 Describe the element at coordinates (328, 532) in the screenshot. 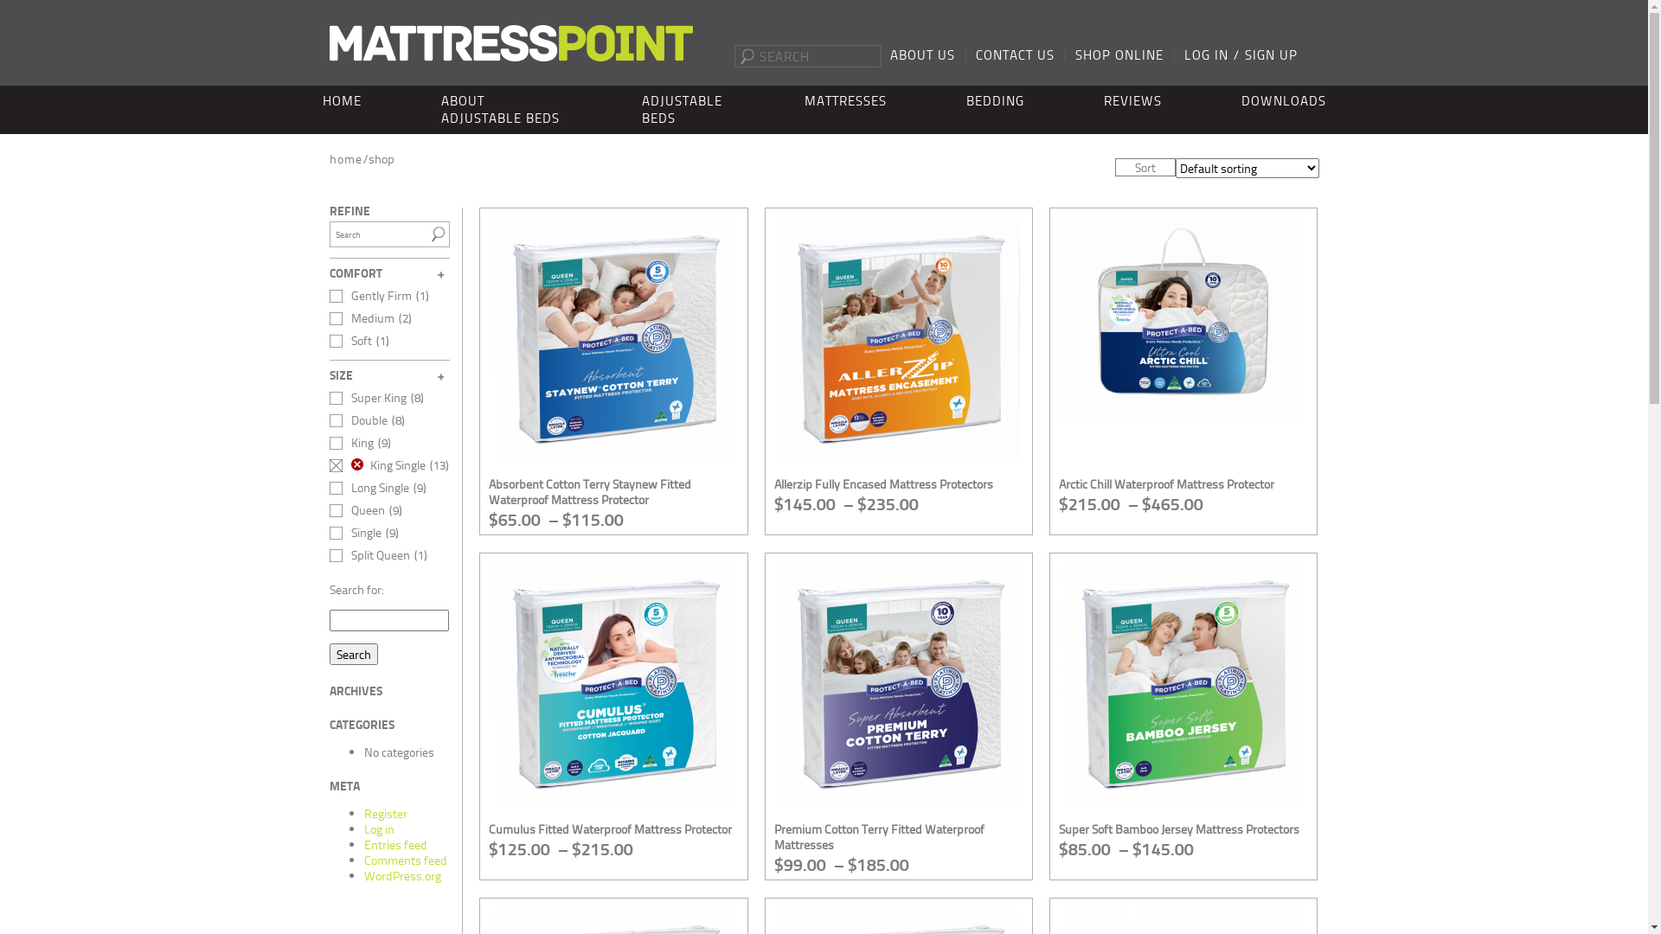

I see `'Single'` at that location.